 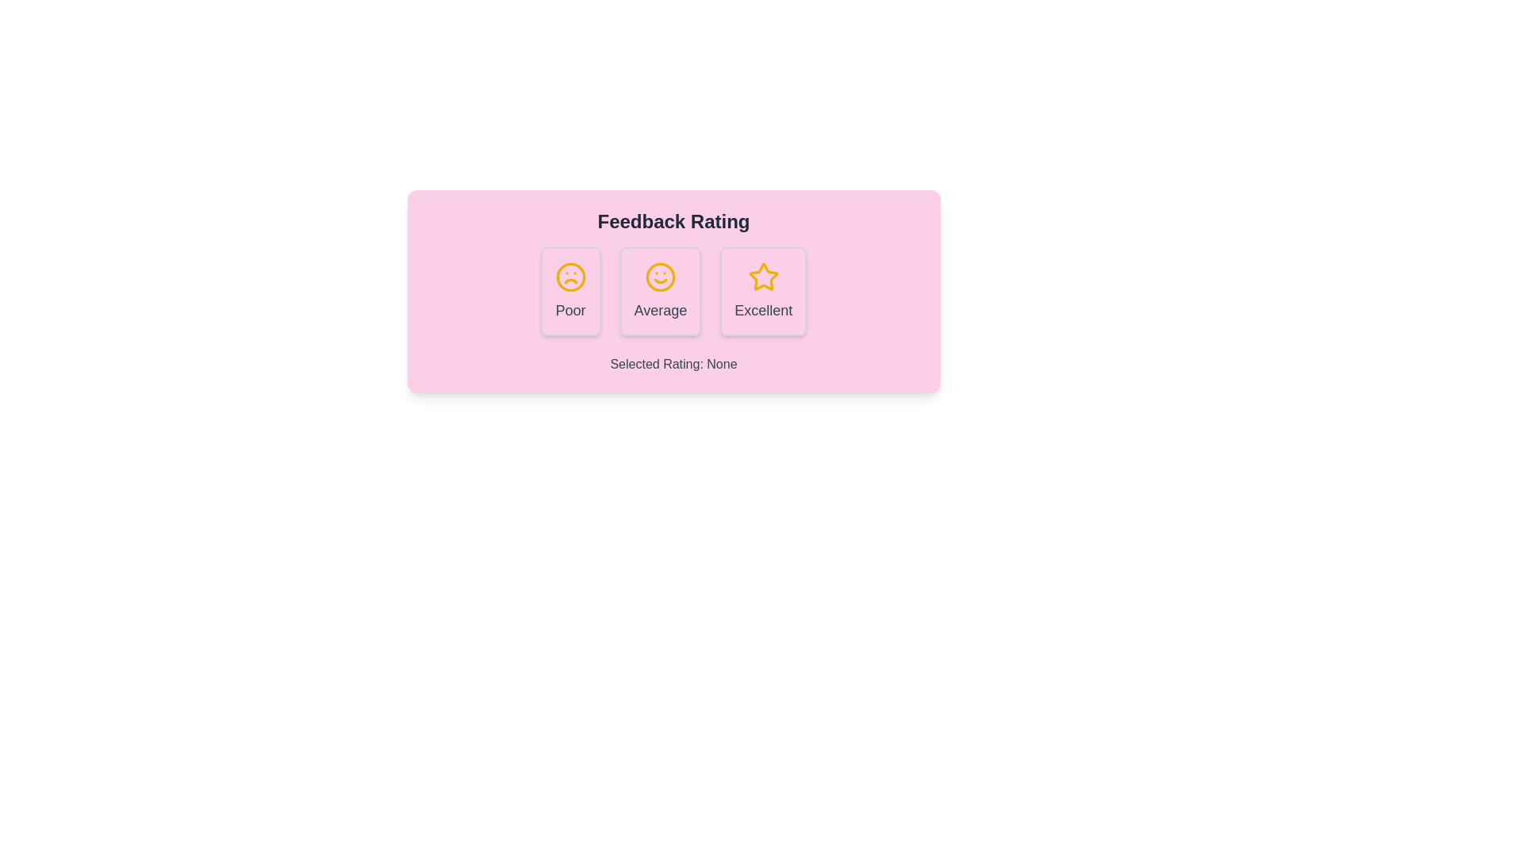 What do you see at coordinates (763, 291) in the screenshot?
I see `the 'Excellent' feedback button, which is the third option in the feedback rating section located beneath the text 'Feedback Rating'` at bounding box center [763, 291].